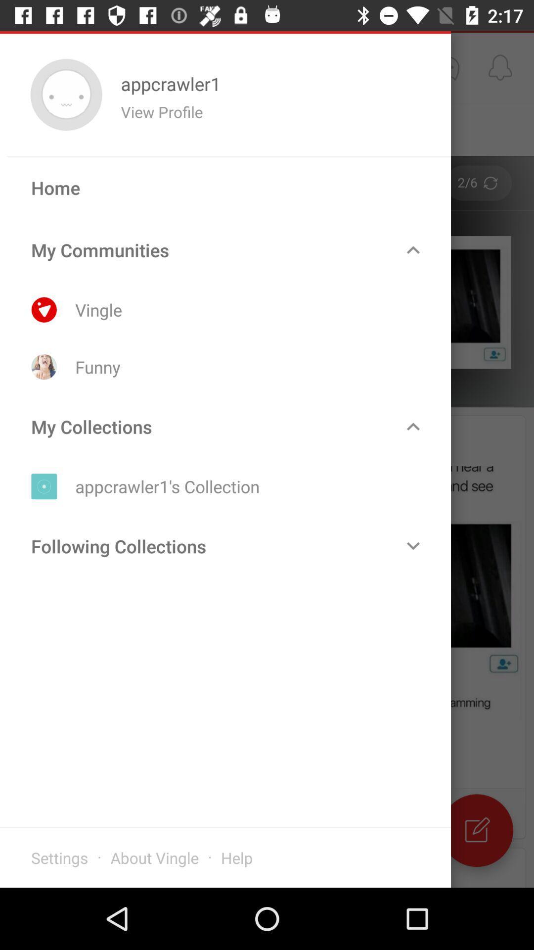  Describe the element at coordinates (476, 830) in the screenshot. I see `the edit icon` at that location.